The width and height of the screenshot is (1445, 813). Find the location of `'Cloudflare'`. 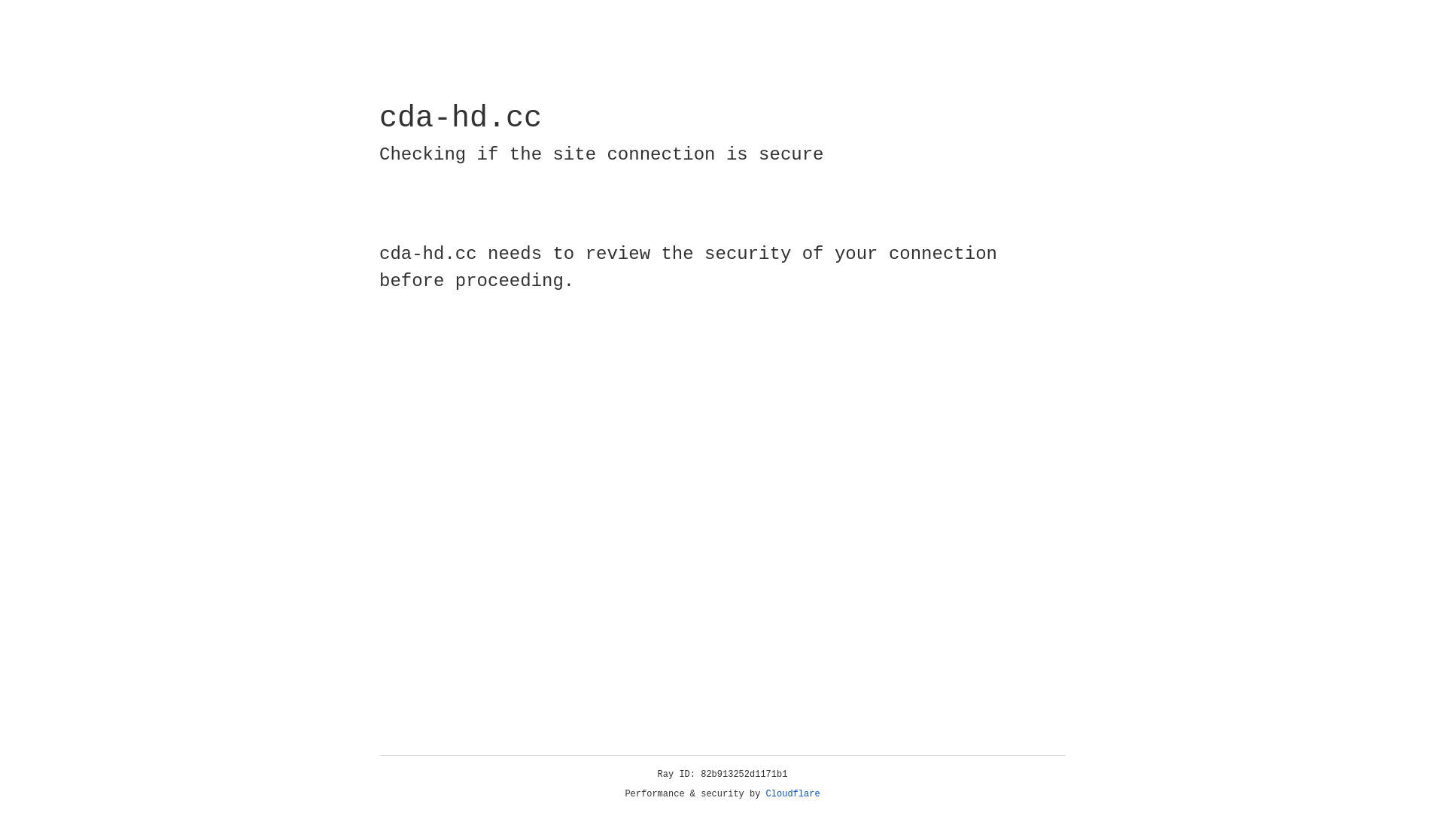

'Cloudflare' is located at coordinates (765, 793).